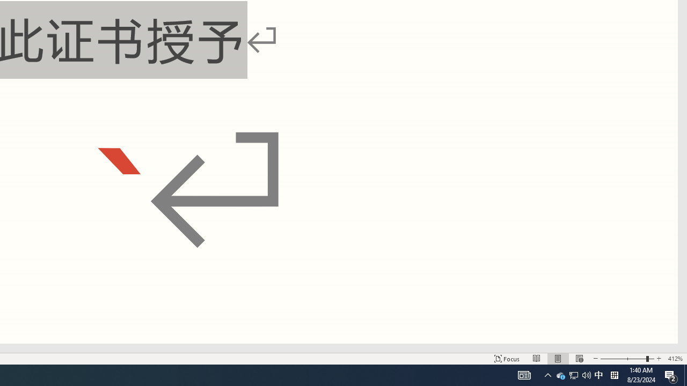 Image resolution: width=687 pixels, height=386 pixels. Describe the element at coordinates (623, 359) in the screenshot. I see `'Zoom Out'` at that location.